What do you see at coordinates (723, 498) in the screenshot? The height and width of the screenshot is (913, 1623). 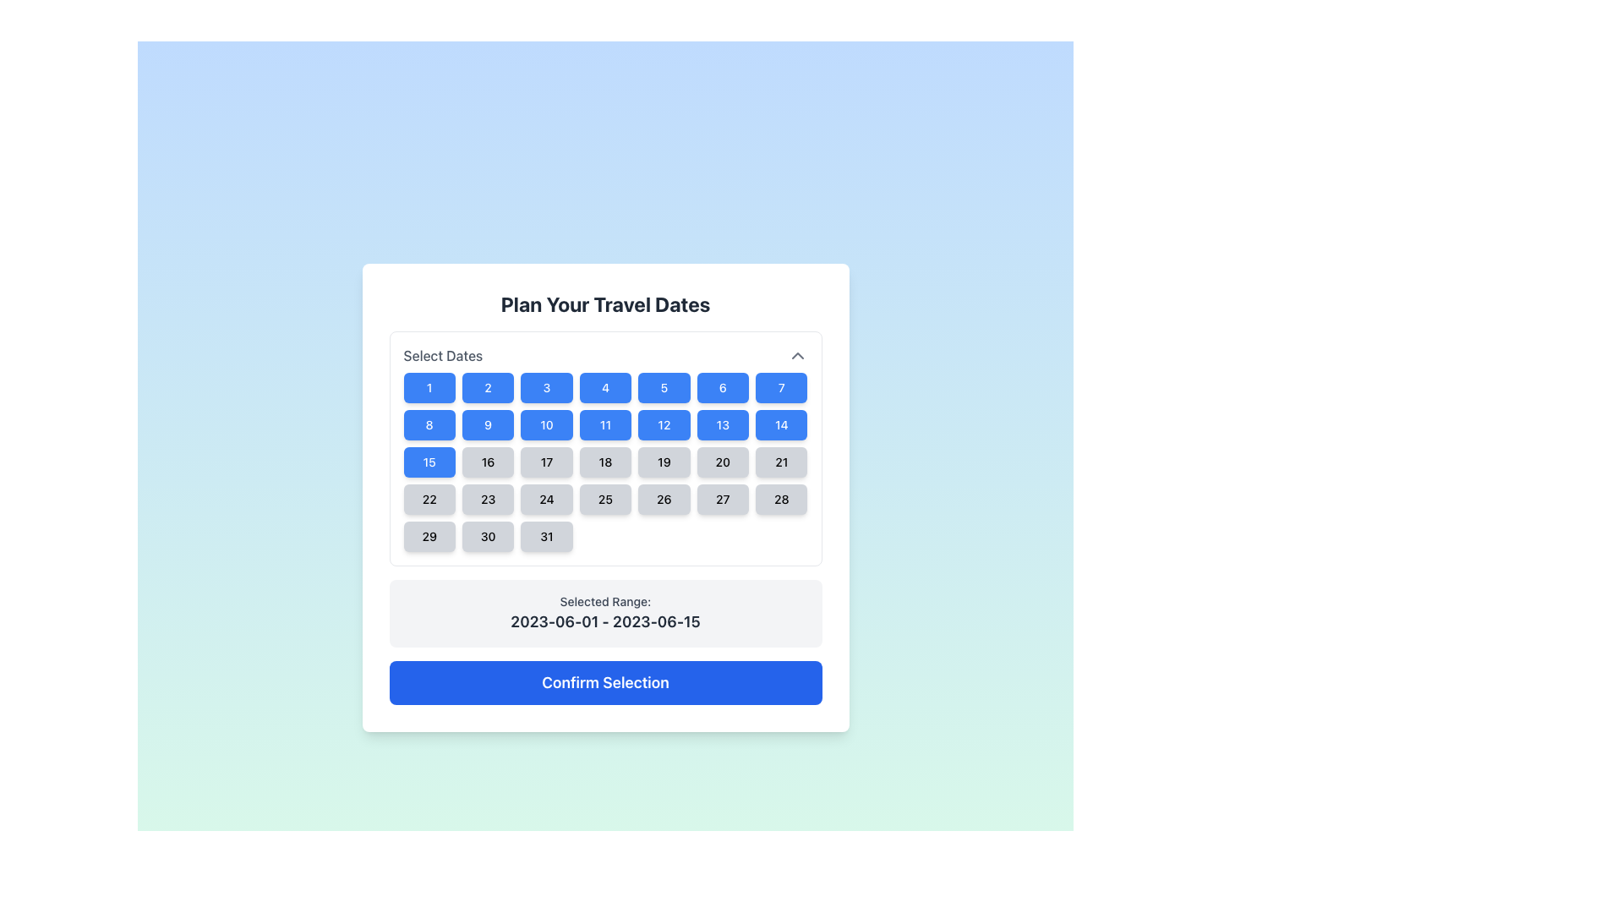 I see `the button representing day 27 on the calendar interface within the 'Plan Your Travel Dates' modal to trigger date selection` at bounding box center [723, 498].